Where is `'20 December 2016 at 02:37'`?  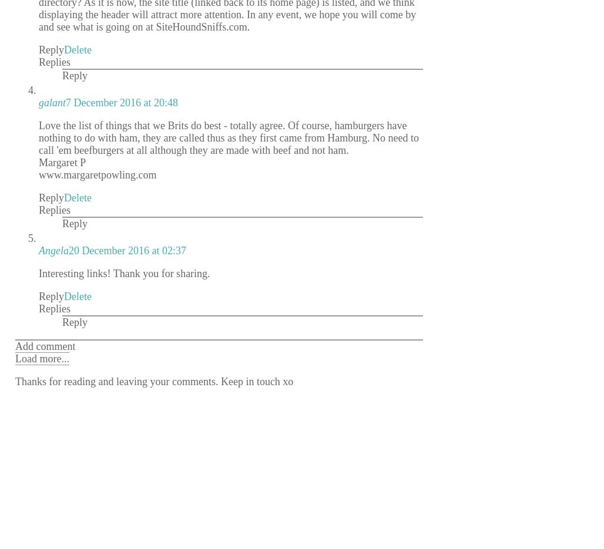
'20 December 2016 at 02:37' is located at coordinates (126, 250).